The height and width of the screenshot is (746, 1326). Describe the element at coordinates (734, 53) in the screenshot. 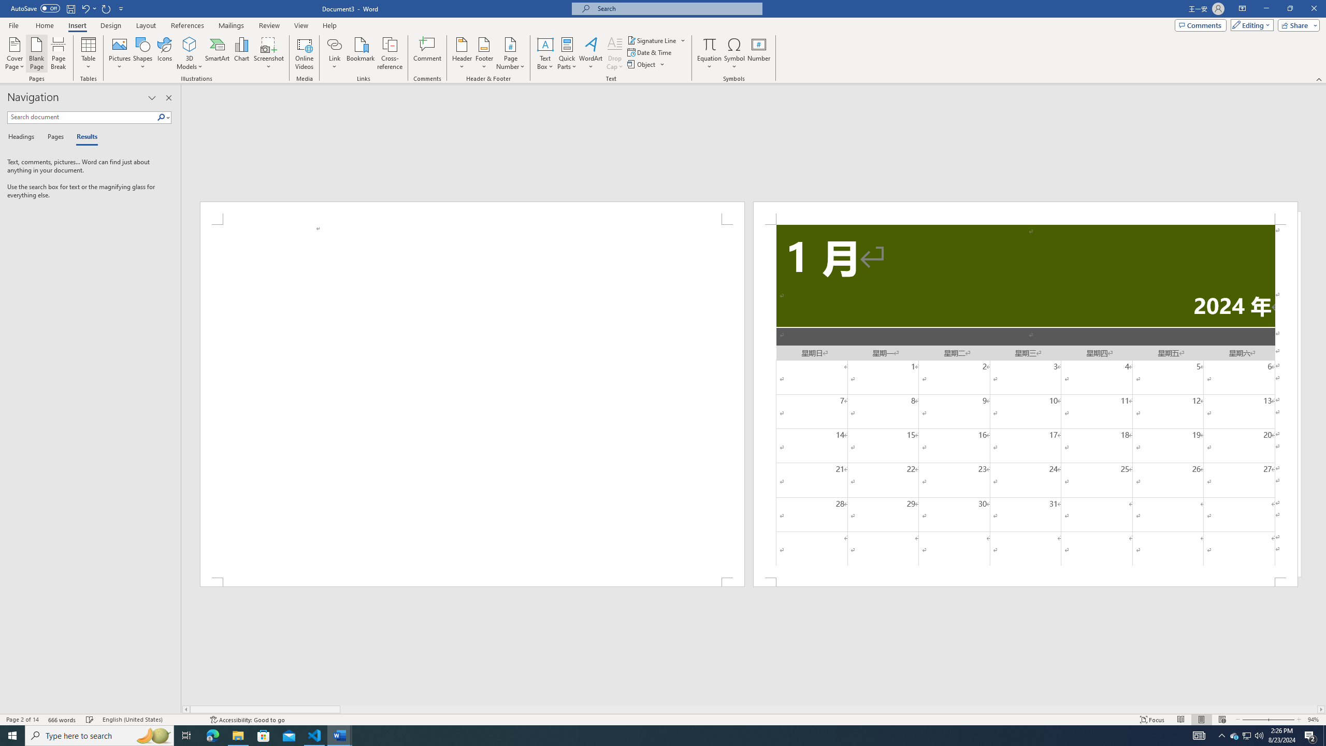

I see `'Symbol'` at that location.